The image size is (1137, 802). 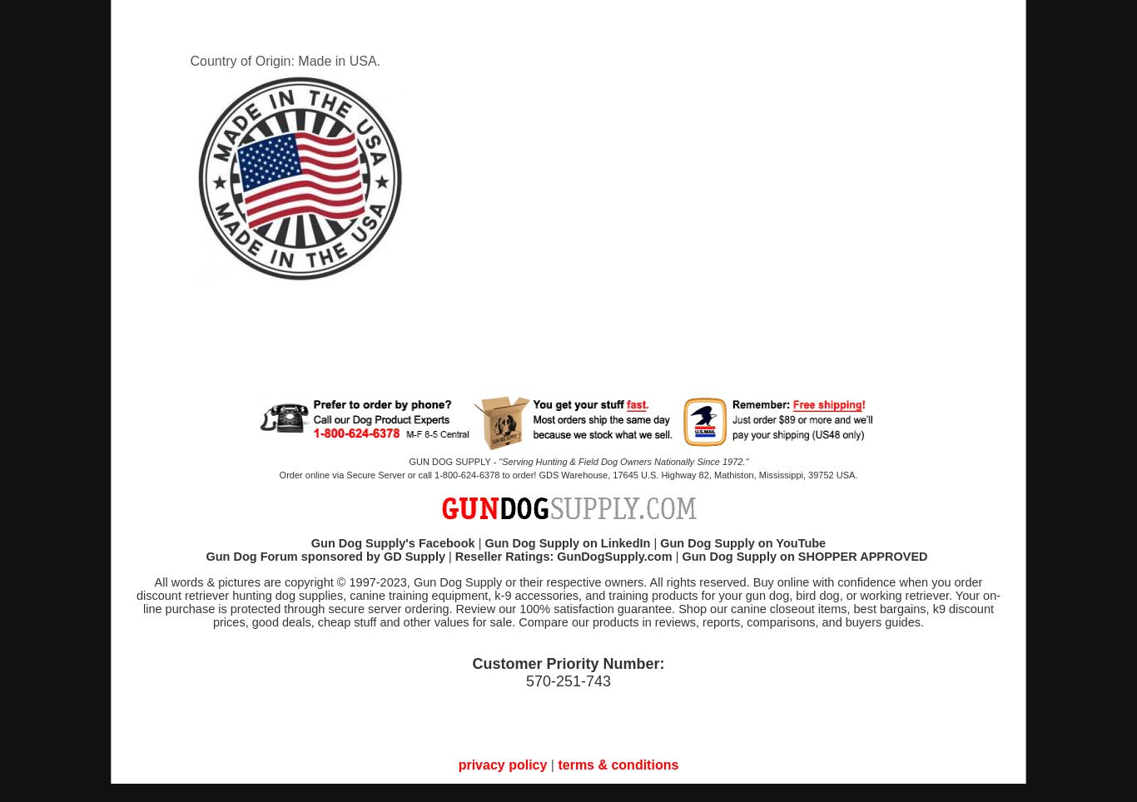 What do you see at coordinates (566, 542) in the screenshot?
I see `'Gun Dog Supply on LinkedIn'` at bounding box center [566, 542].